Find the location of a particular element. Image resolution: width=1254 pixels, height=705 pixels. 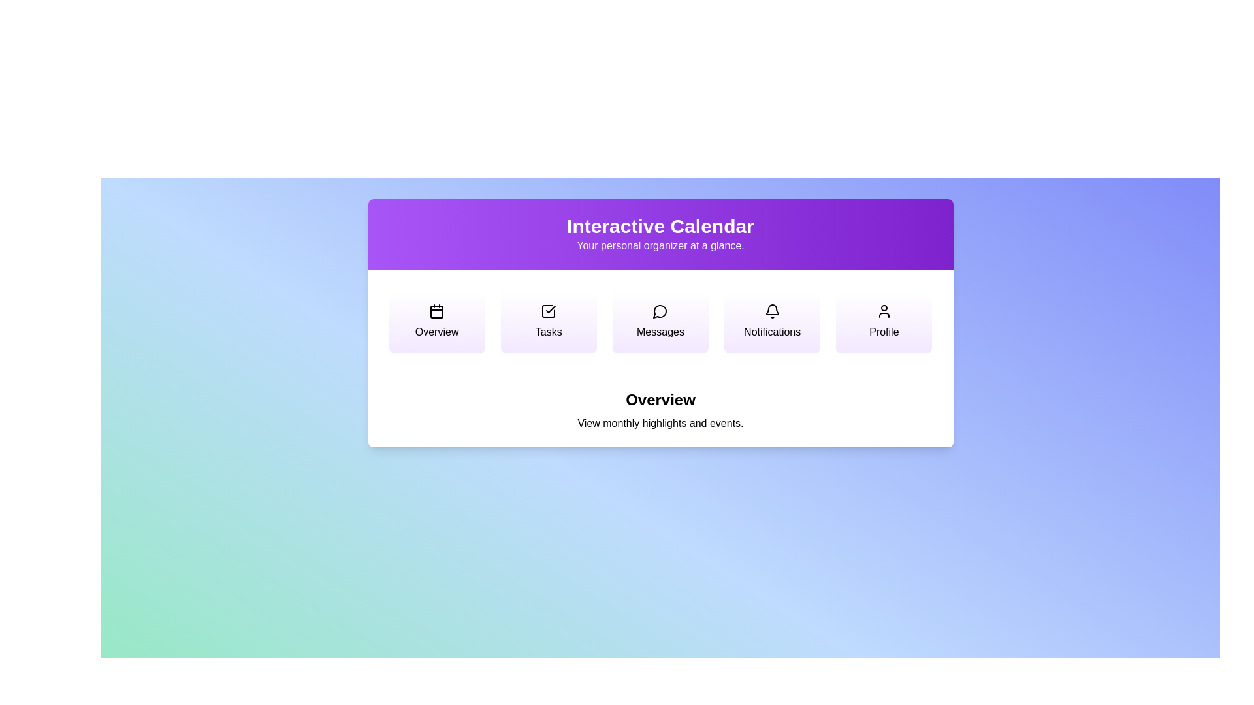

the menu option corresponding to Overview to switch views is located at coordinates (436, 322).